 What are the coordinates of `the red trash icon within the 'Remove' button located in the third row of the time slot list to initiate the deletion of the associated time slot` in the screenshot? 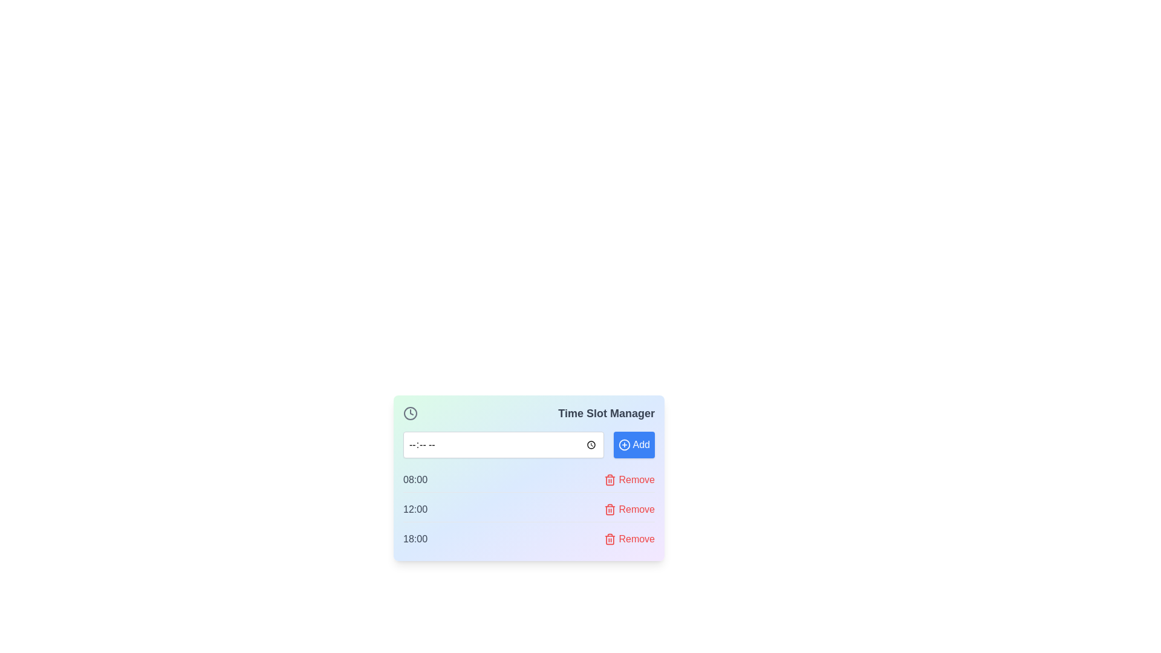 It's located at (610, 479).